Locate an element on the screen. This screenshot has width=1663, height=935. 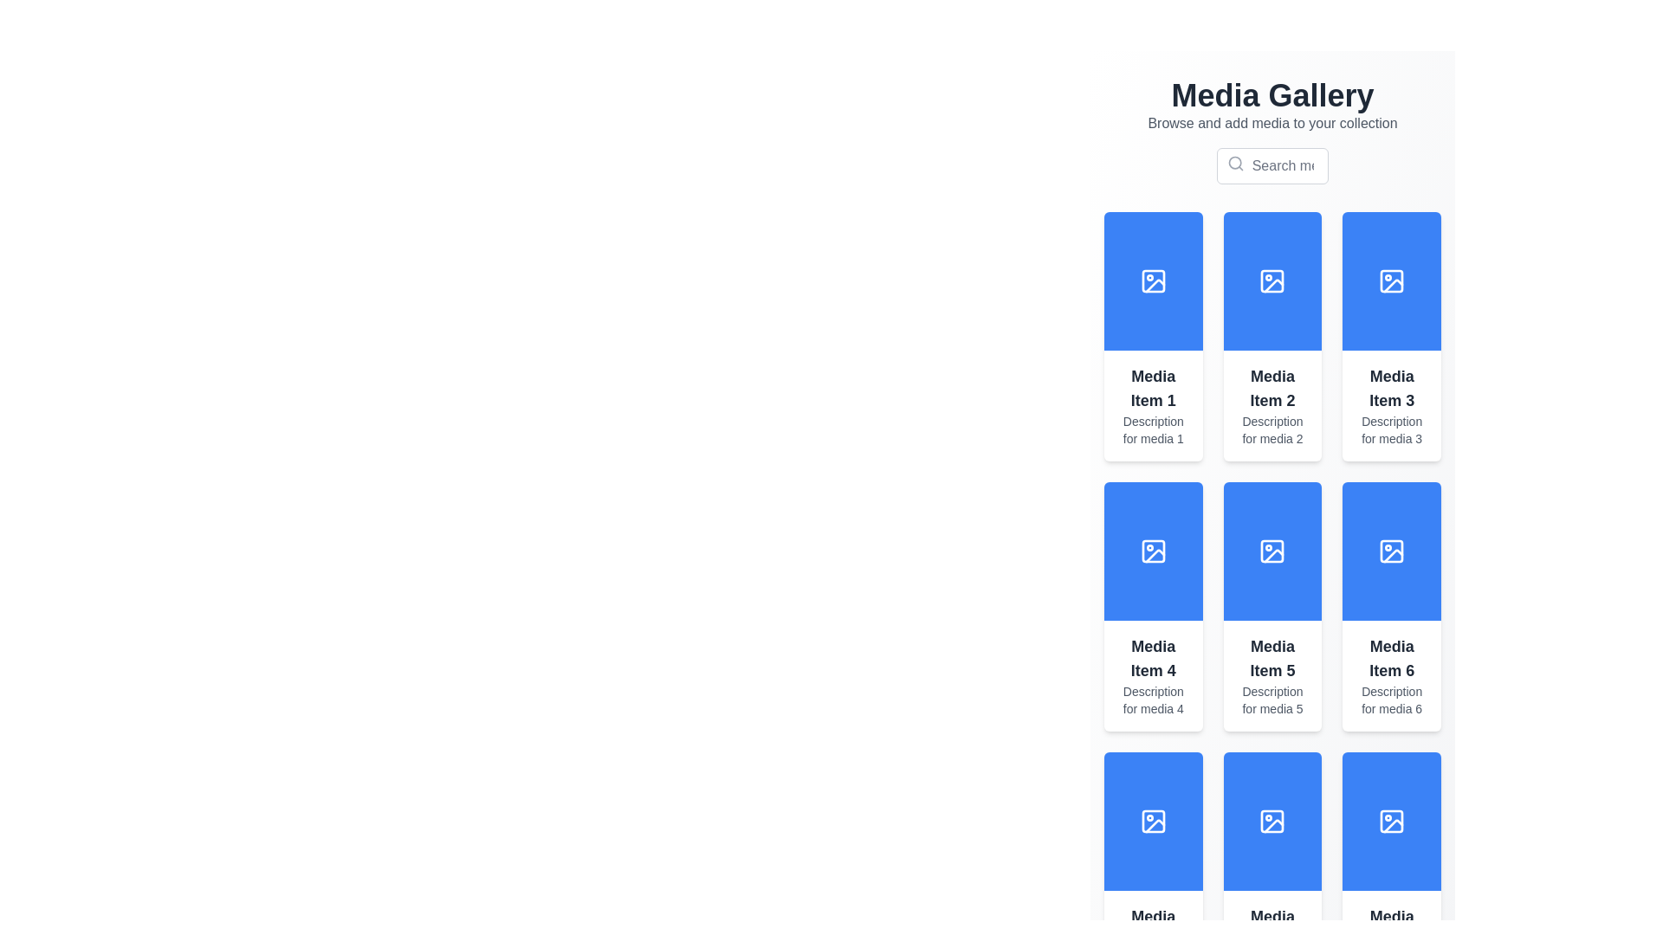
the icon representing pictorial media within the 'Media Item 2' card in the second column of the first row of the gallery interface is located at coordinates (1272, 280).